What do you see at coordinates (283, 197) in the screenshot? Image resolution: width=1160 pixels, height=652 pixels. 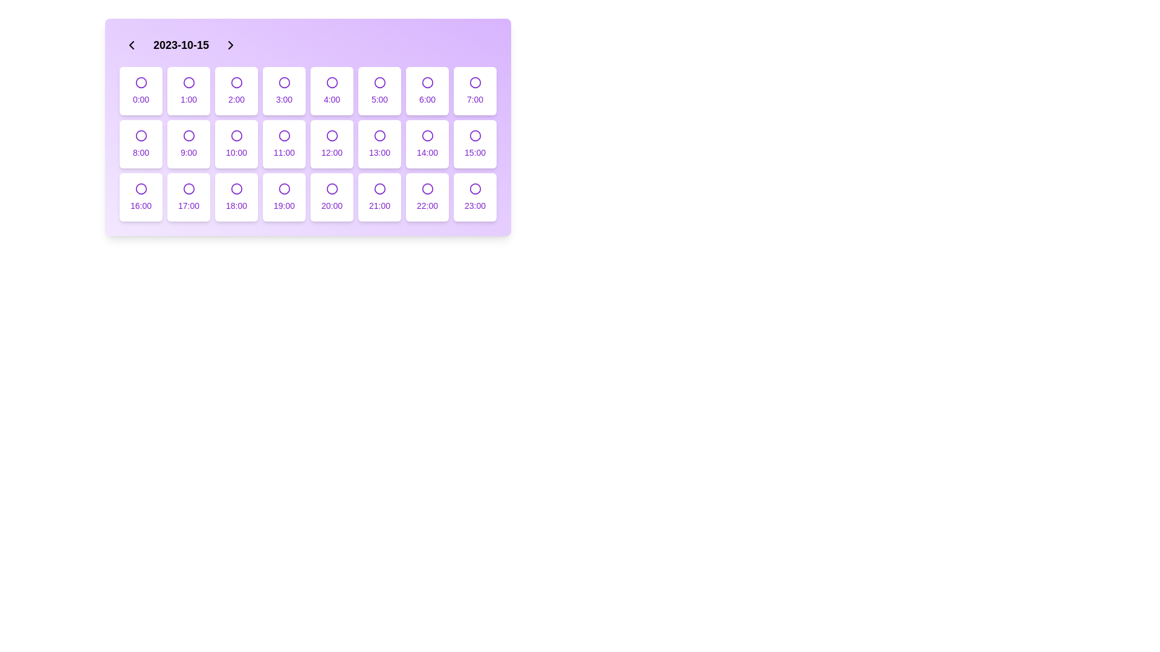 I see `the button displaying '19:00'` at bounding box center [283, 197].